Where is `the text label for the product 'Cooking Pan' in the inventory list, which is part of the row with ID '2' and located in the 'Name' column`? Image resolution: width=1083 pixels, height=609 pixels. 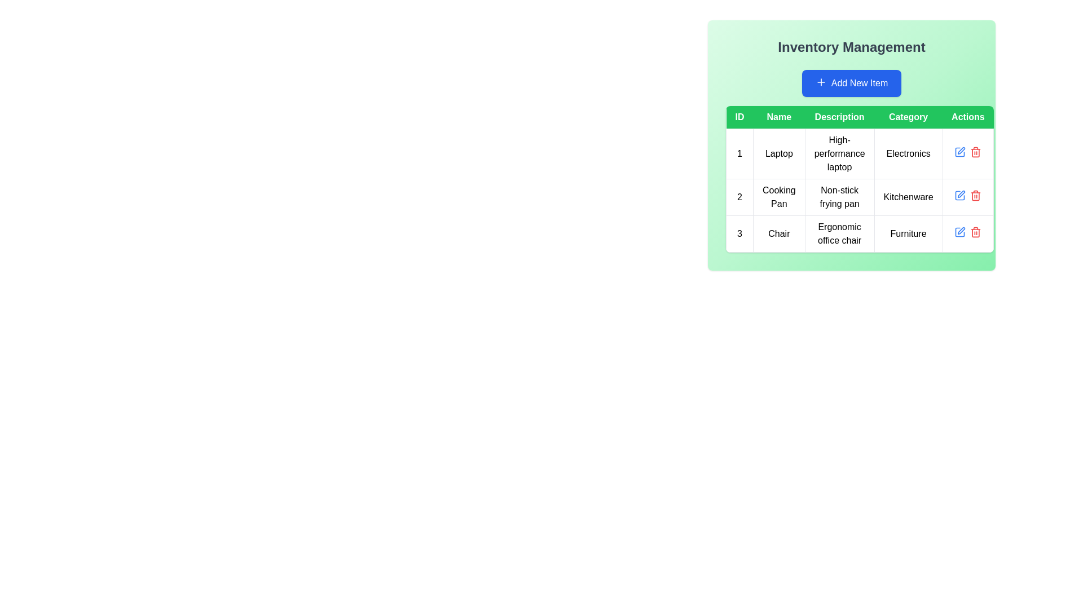
the text label for the product 'Cooking Pan' in the inventory list, which is part of the row with ID '2' and located in the 'Name' column is located at coordinates (778, 197).